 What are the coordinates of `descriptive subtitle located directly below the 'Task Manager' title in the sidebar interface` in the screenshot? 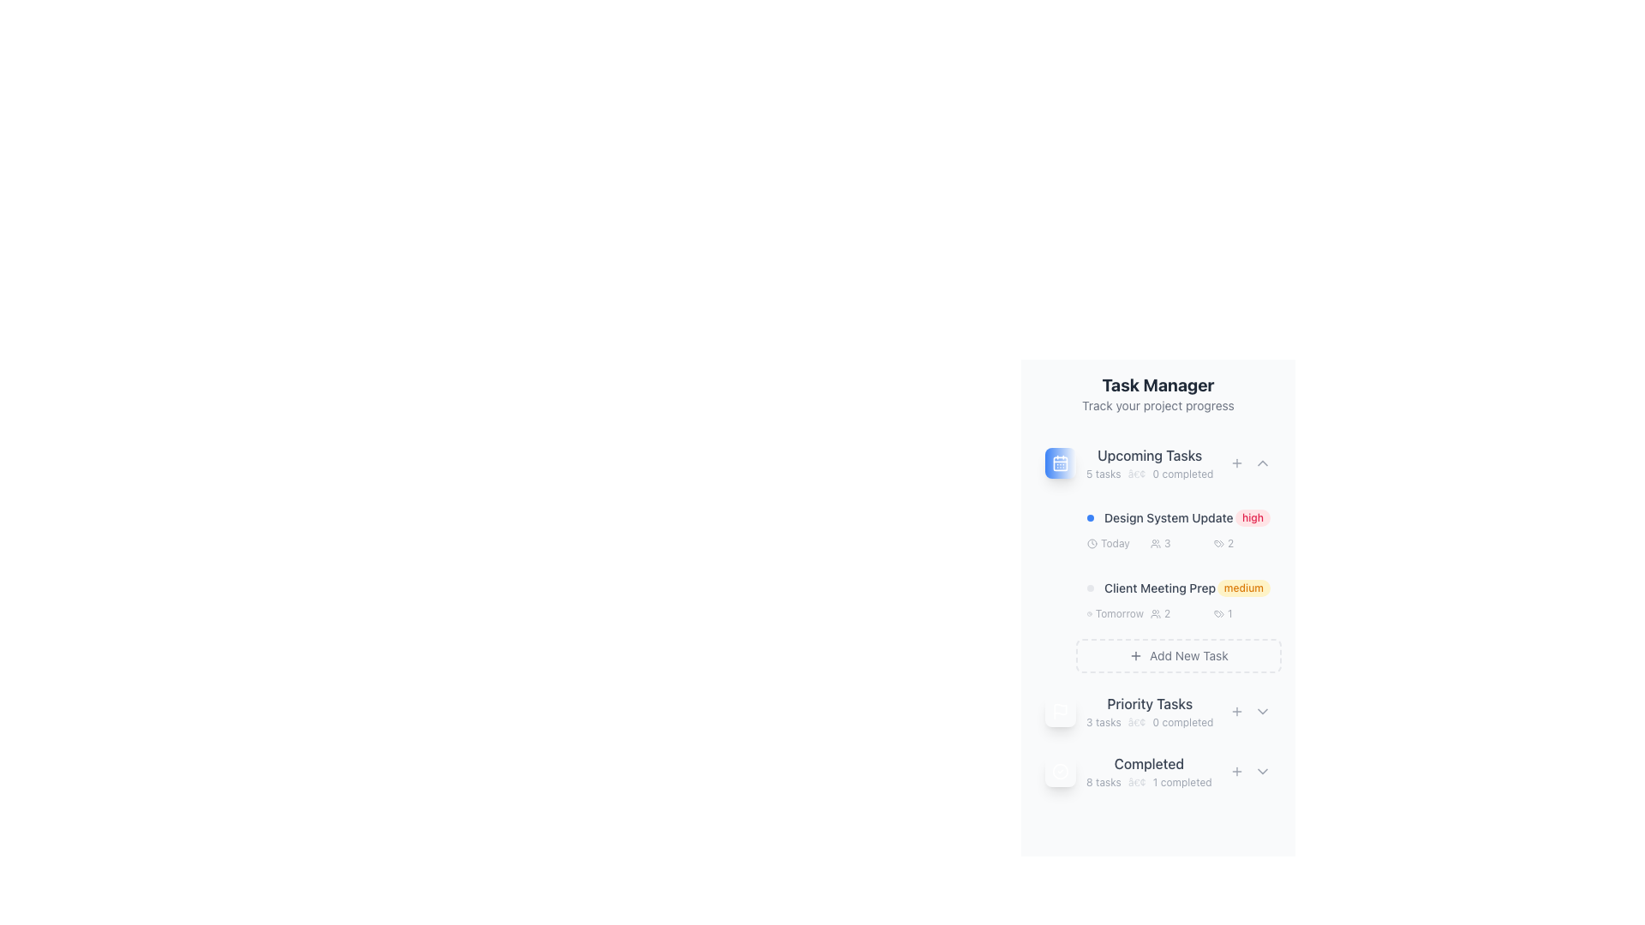 It's located at (1158, 406).